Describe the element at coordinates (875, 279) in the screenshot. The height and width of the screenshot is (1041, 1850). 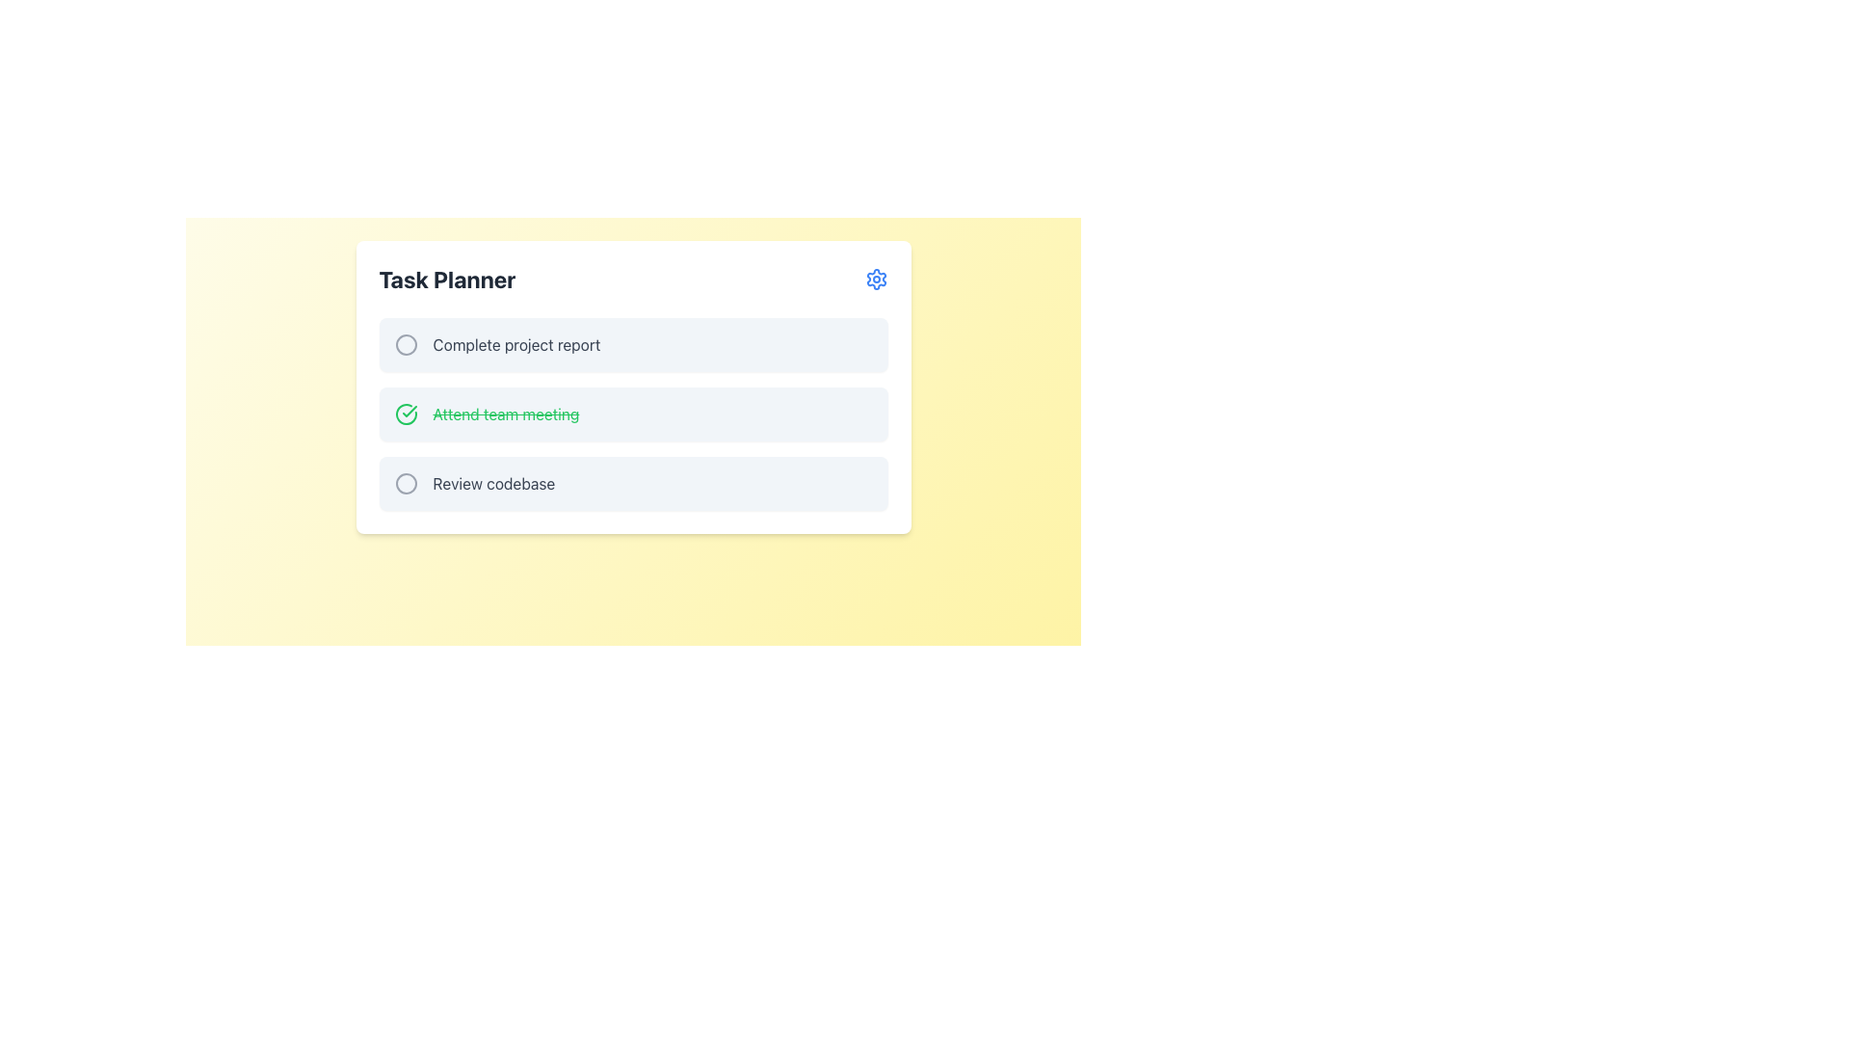
I see `the blue cogwheel icon located in the top-right corner of the 'Task Planner' card` at that location.